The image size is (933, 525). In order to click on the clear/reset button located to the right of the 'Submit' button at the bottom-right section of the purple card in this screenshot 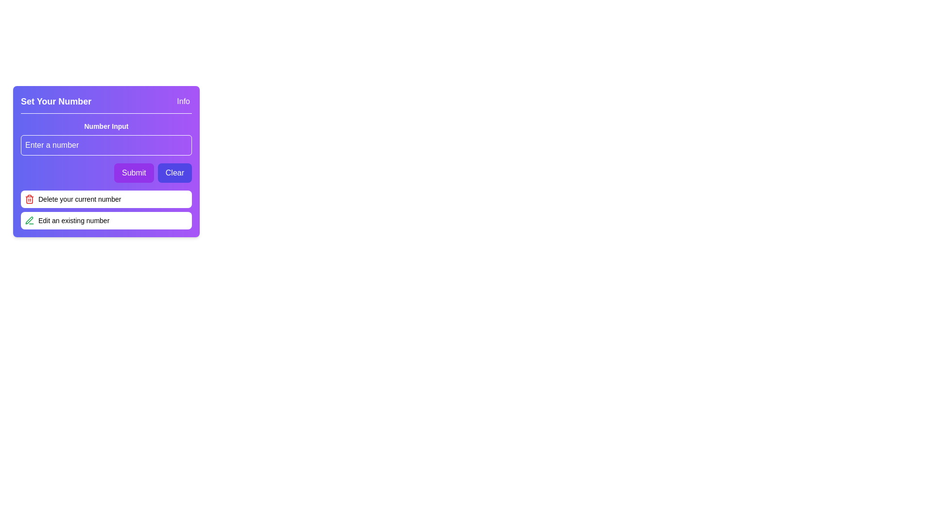, I will do `click(174, 172)`.